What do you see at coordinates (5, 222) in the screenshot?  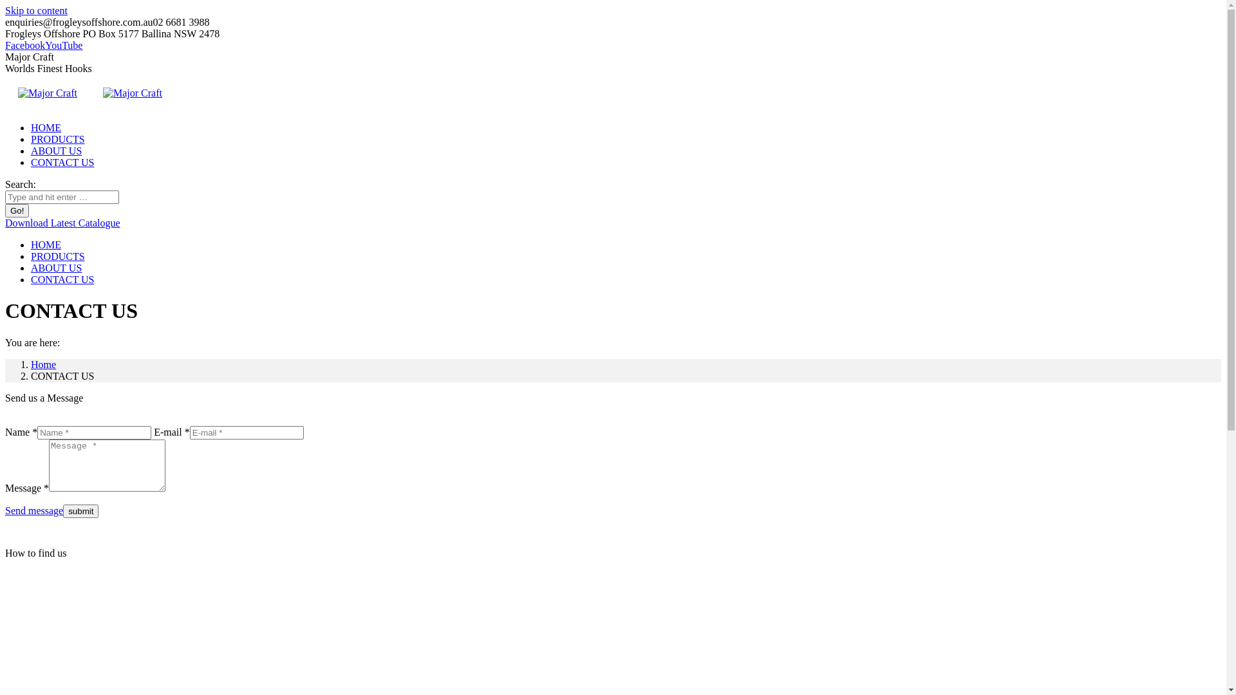 I see `'Download Latest Catalogue'` at bounding box center [5, 222].